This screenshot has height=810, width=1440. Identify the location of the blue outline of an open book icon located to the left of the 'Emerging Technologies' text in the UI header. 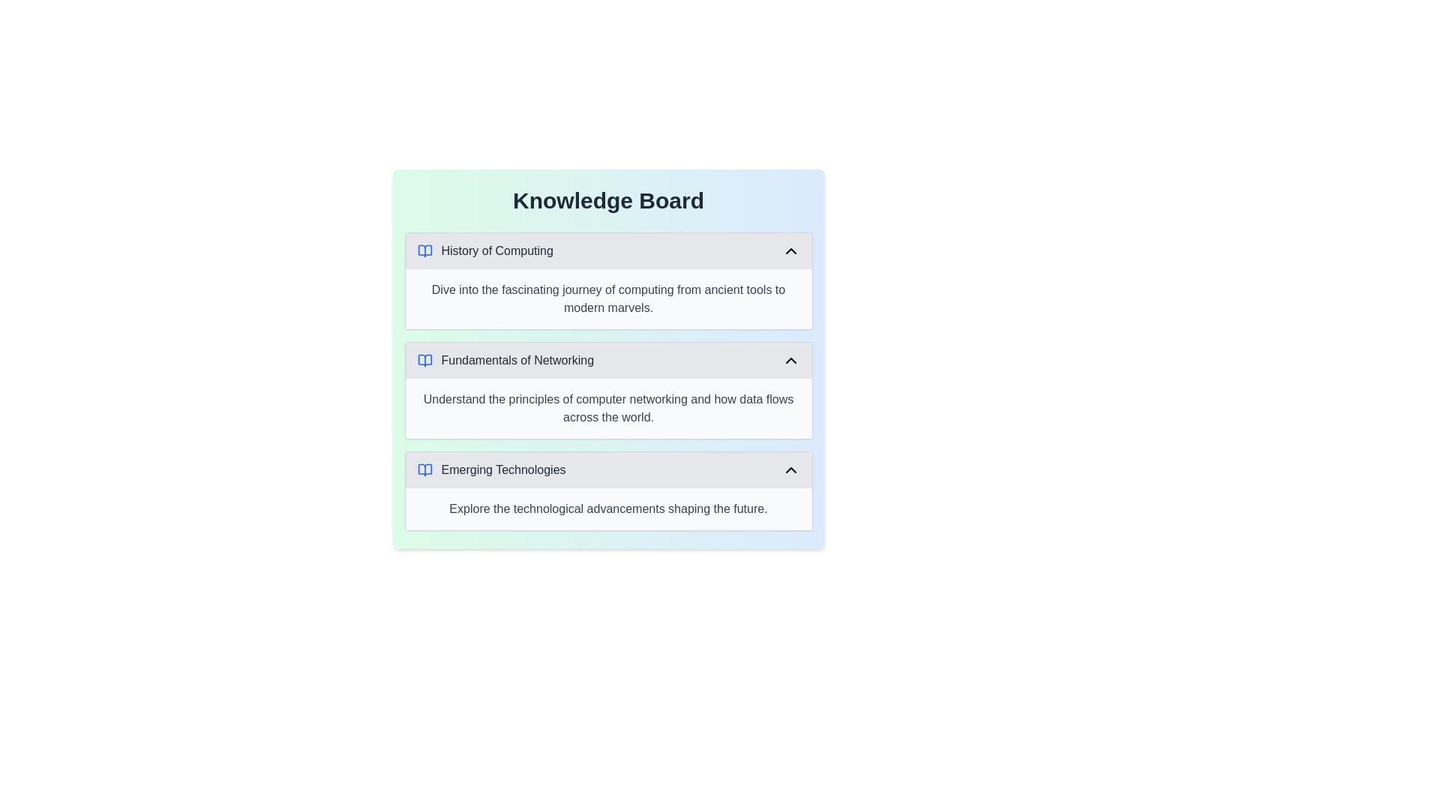
(424, 469).